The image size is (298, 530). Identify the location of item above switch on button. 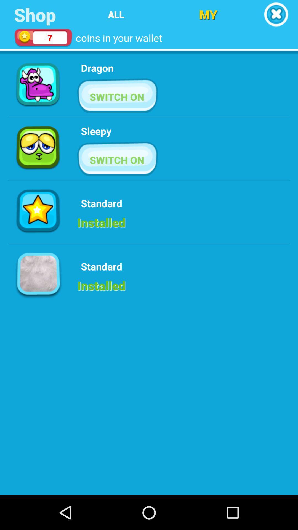
(96, 131).